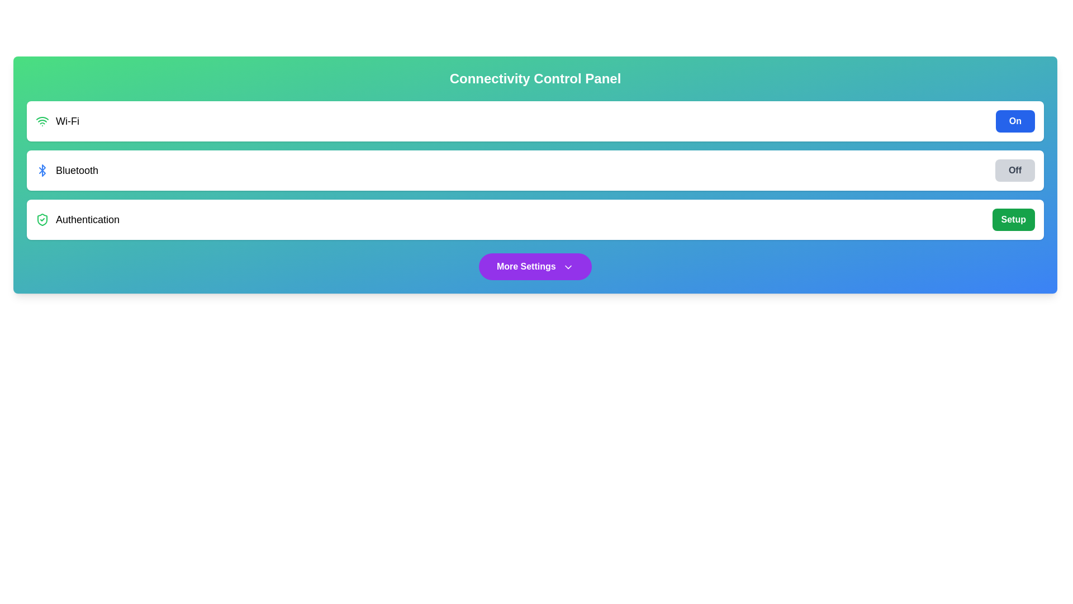 This screenshot has width=1073, height=604. What do you see at coordinates (1015, 121) in the screenshot?
I see `the rectangular blue button labeled 'On' with white text to trigger a visual state change` at bounding box center [1015, 121].